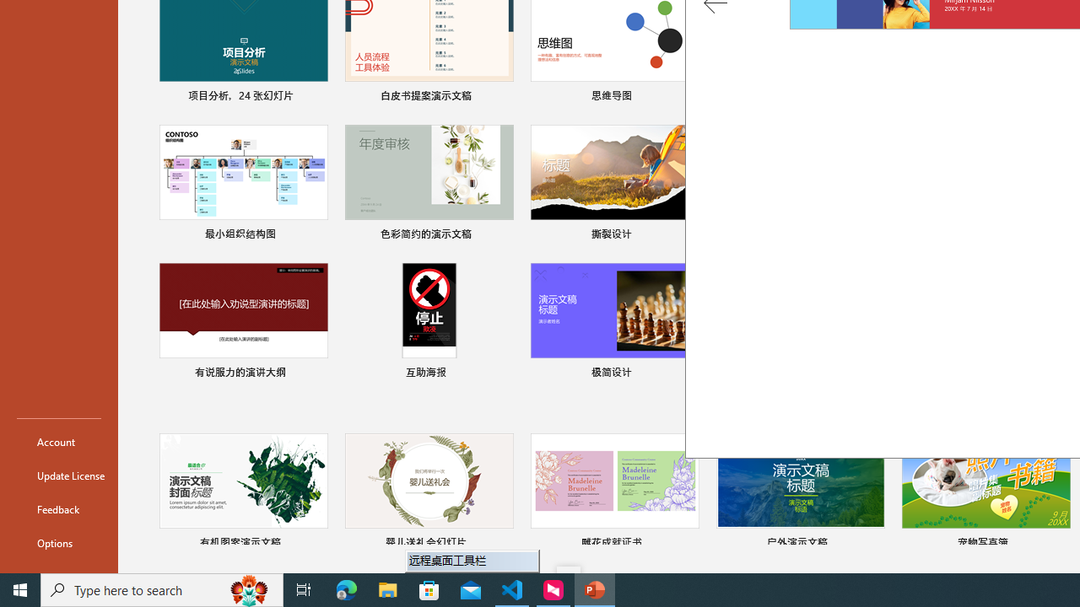 This screenshot has height=607, width=1080. What do you see at coordinates (58, 441) in the screenshot?
I see `'Account'` at bounding box center [58, 441].